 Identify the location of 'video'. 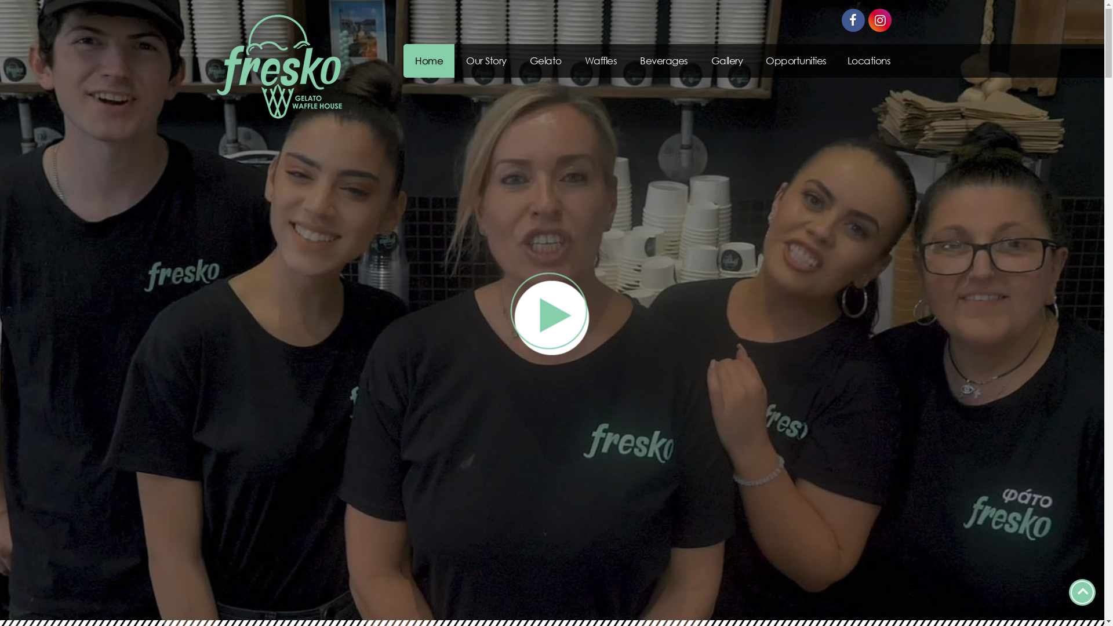
(510, 313).